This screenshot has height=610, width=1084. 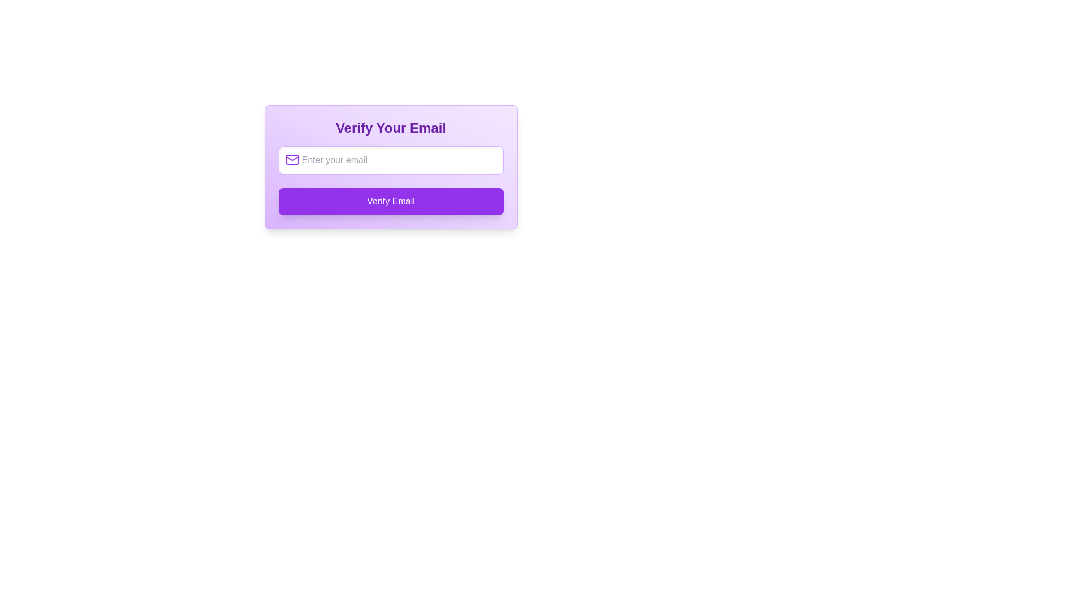 What do you see at coordinates (292, 159) in the screenshot?
I see `the decorative icon that visually represents the email input field, located to the left of the 'Enter your email' placeholder text` at bounding box center [292, 159].